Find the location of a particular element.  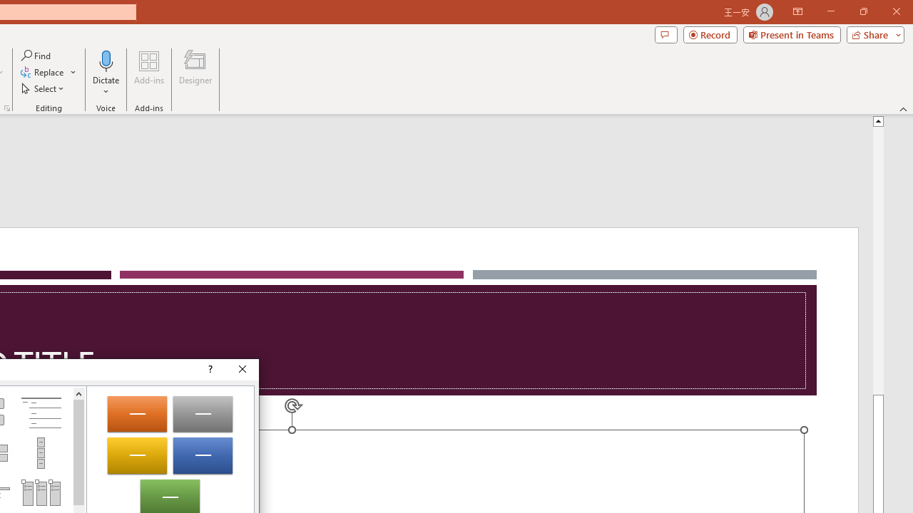

'Dictate' is located at coordinates (106, 73).